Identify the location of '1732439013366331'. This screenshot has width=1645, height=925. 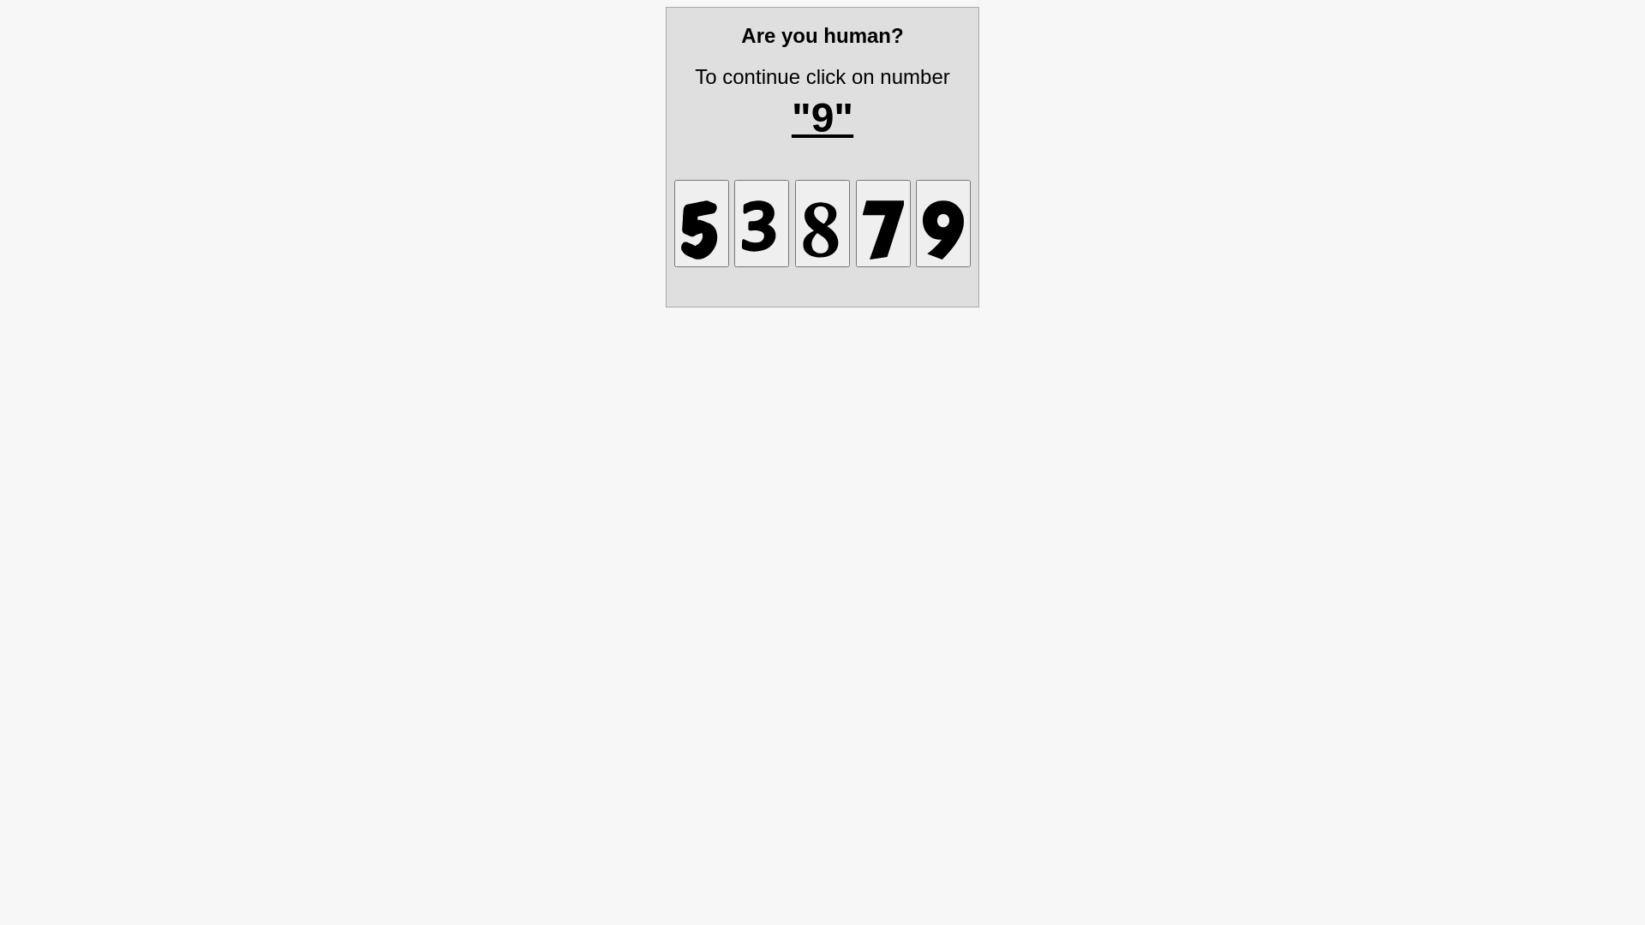
(702, 223).